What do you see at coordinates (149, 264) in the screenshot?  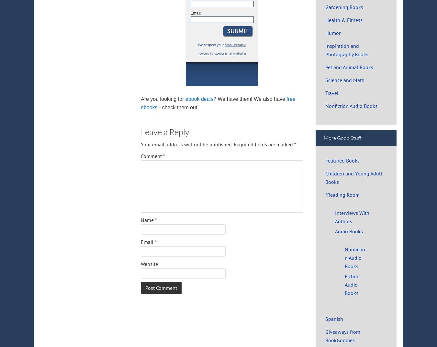 I see `'Website'` at bounding box center [149, 264].